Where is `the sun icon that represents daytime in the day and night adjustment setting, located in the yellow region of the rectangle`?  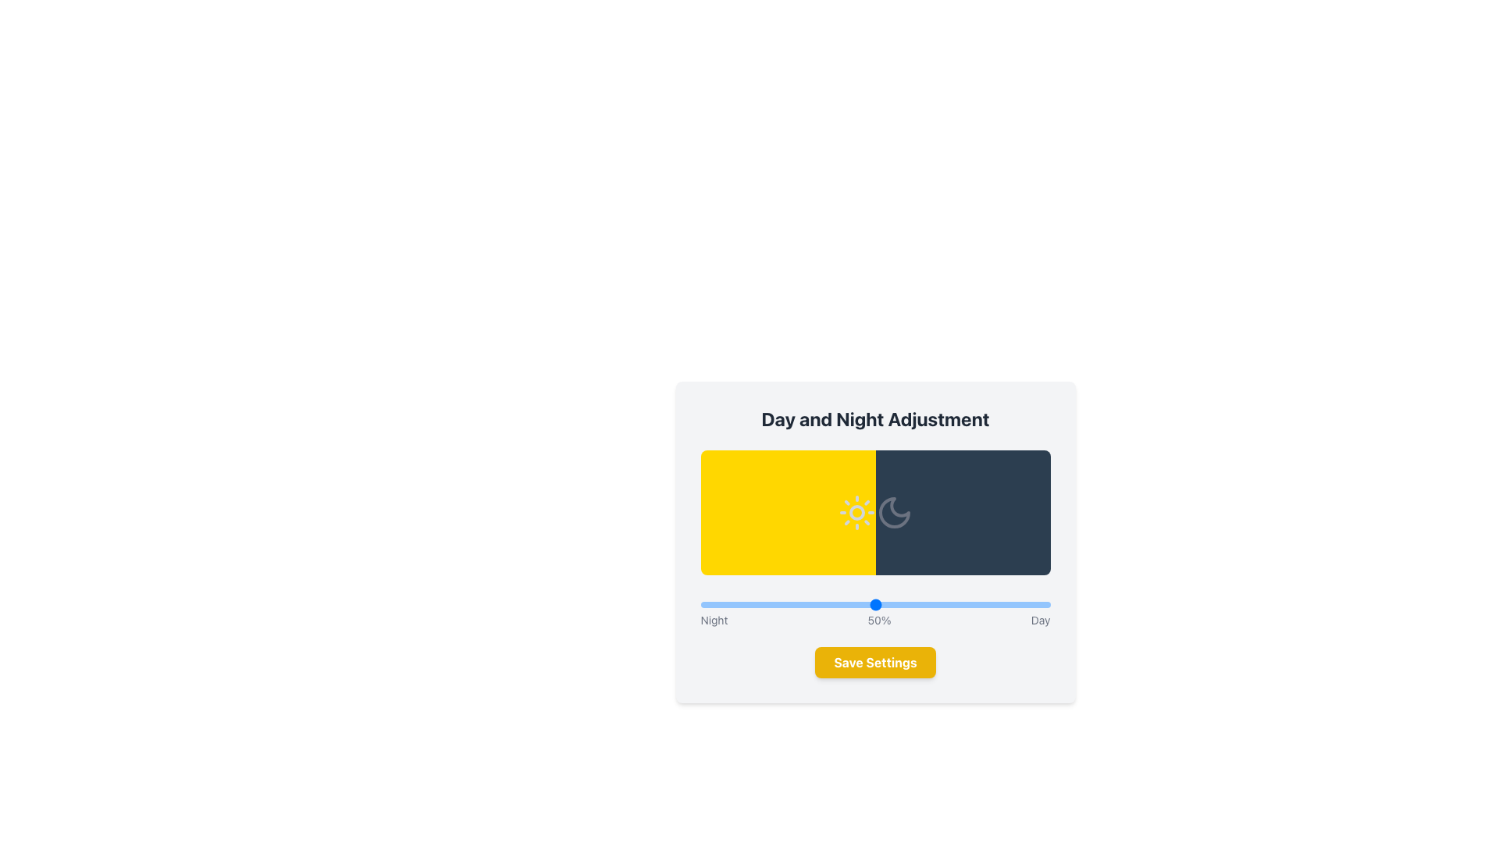
the sun icon that represents daytime in the day and night adjustment setting, located in the yellow region of the rectangle is located at coordinates (856, 512).